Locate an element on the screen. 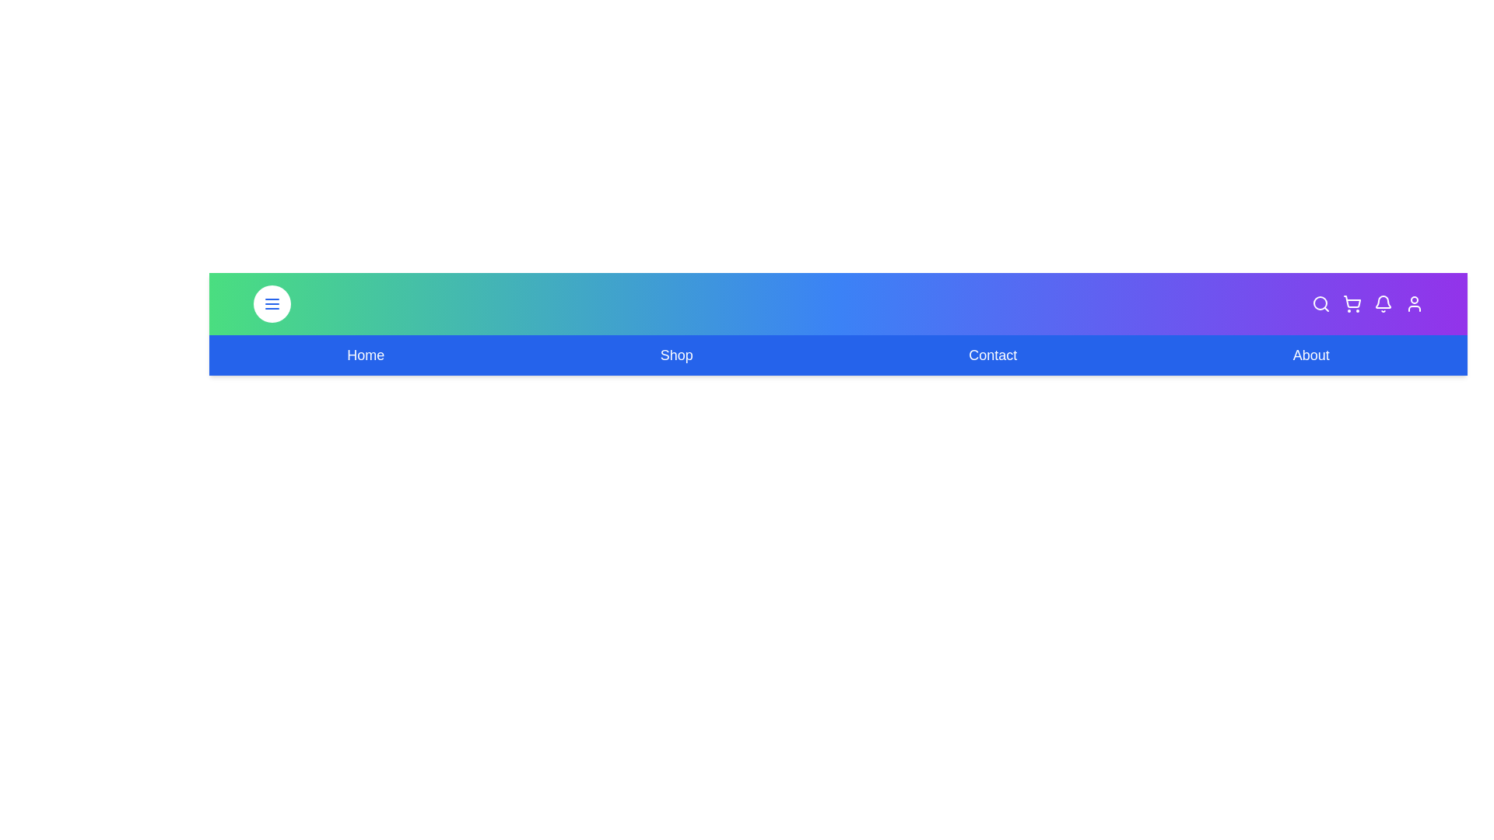 Image resolution: width=1494 pixels, height=840 pixels. the search icon in the navigation bar is located at coordinates (1320, 303).